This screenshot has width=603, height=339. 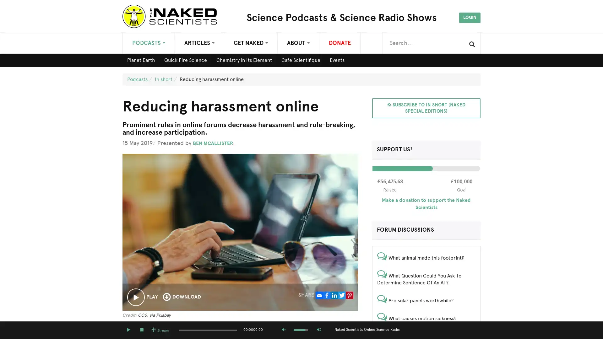 I want to click on APPLY, so click(x=472, y=44).